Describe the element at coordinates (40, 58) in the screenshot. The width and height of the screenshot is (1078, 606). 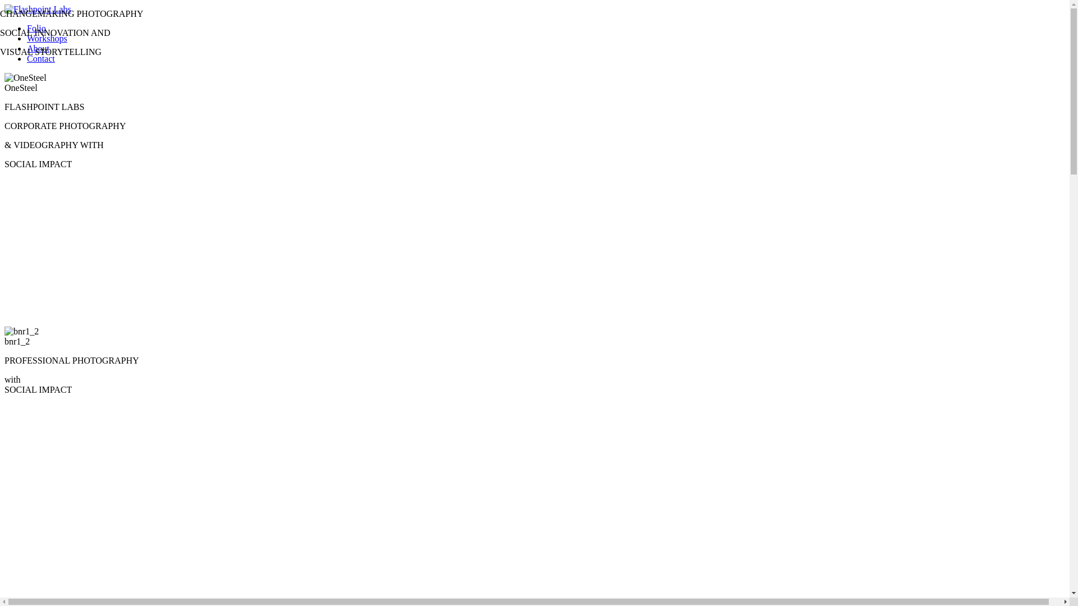
I see `'Contact'` at that location.